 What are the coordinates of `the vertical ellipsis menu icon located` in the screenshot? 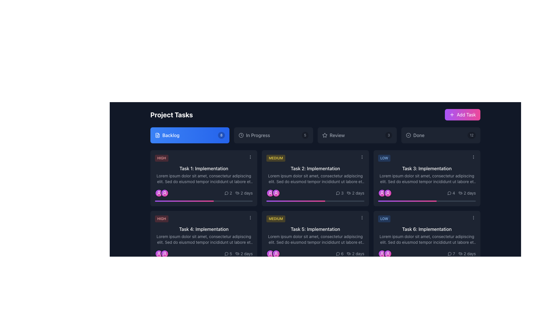 It's located at (250, 217).